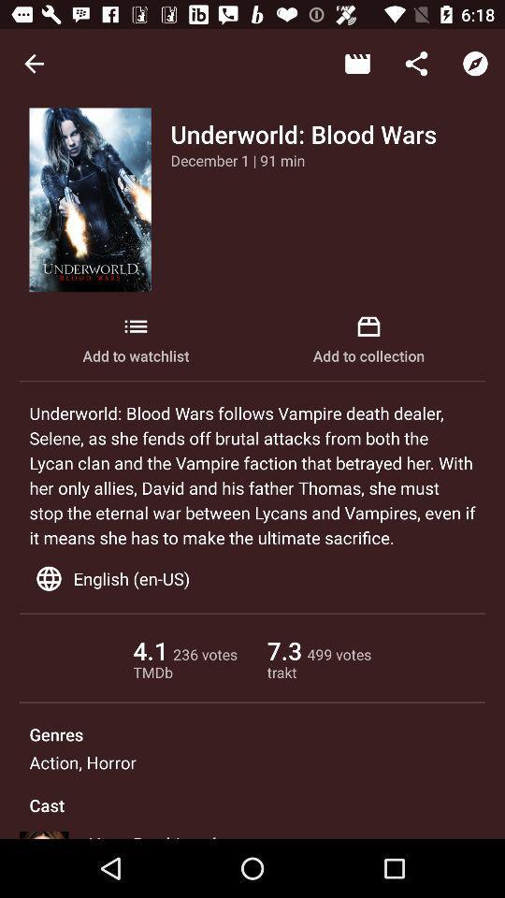  What do you see at coordinates (81, 762) in the screenshot?
I see `the action, horror` at bounding box center [81, 762].